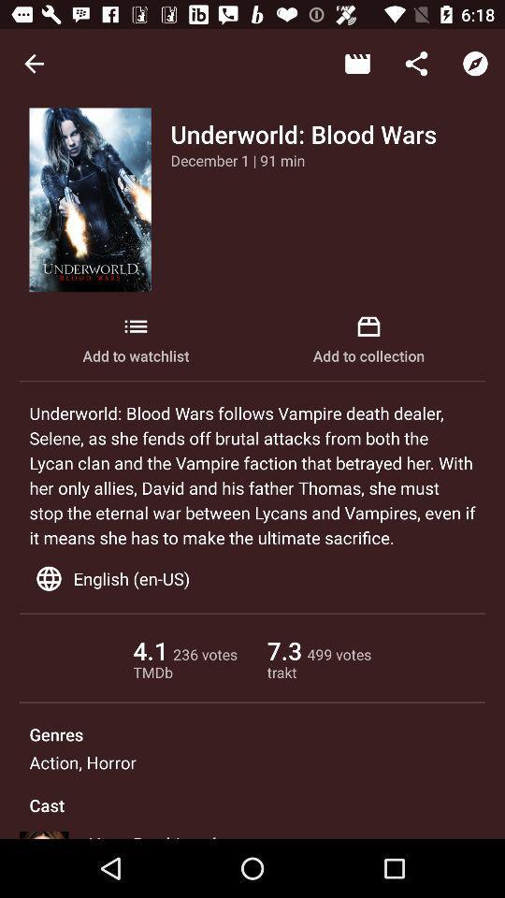  What do you see at coordinates (81, 762) in the screenshot?
I see `the action, horror` at bounding box center [81, 762].